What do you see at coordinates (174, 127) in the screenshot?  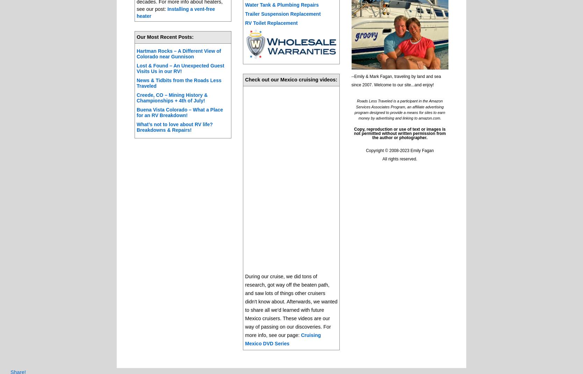 I see `'What’s not to love about RV life? Breakdowns & Repairs!'` at bounding box center [174, 127].